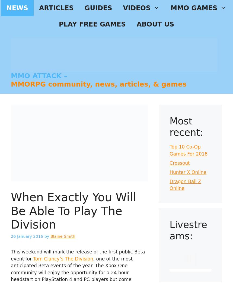 The height and width of the screenshot is (284, 233). I want to click on 'Tom Clancy’s The Division', so click(63, 258).